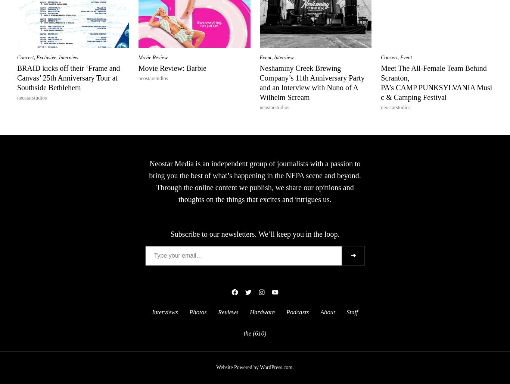  I want to click on 'Movie Review: Barbie', so click(172, 68).